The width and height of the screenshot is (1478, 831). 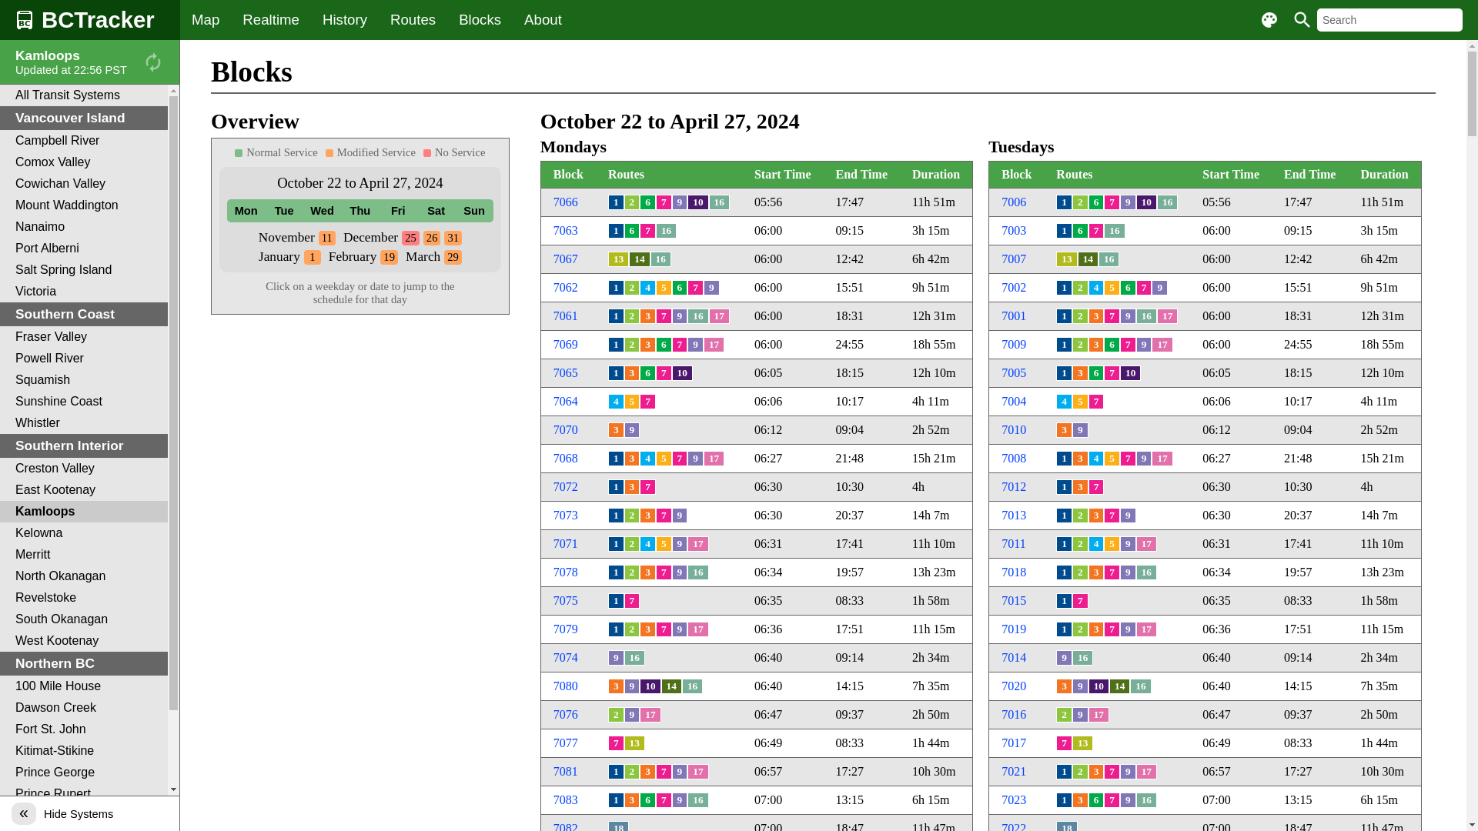 I want to click on '1', so click(x=1063, y=288).